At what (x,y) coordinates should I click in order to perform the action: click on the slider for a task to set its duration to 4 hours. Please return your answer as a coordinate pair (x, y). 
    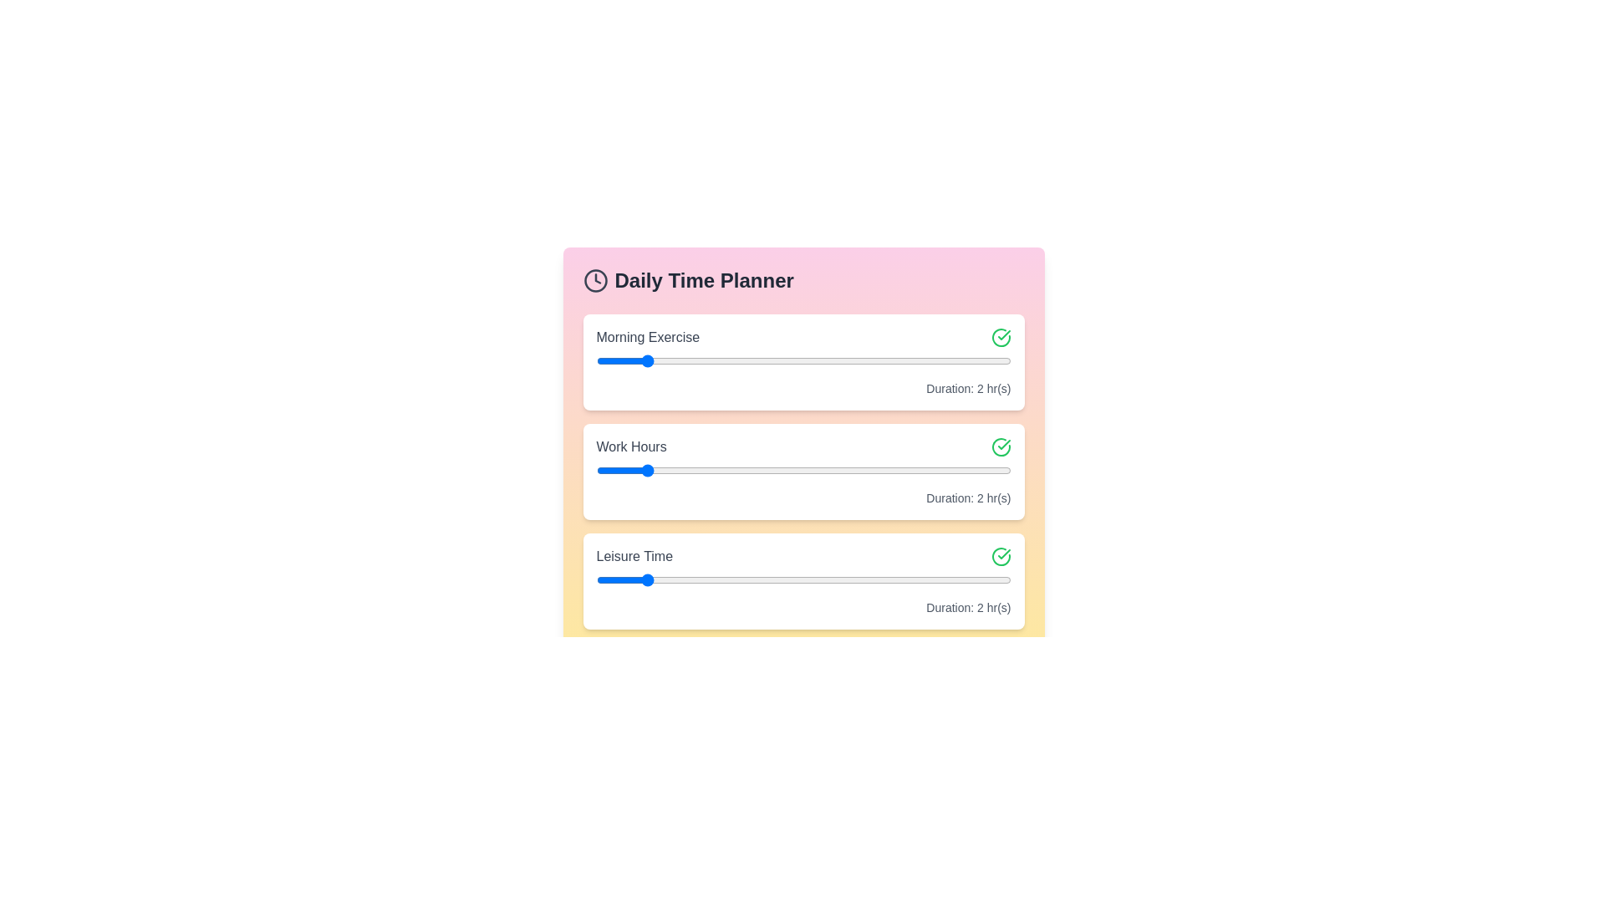
    Looking at the image, I should click on (734, 360).